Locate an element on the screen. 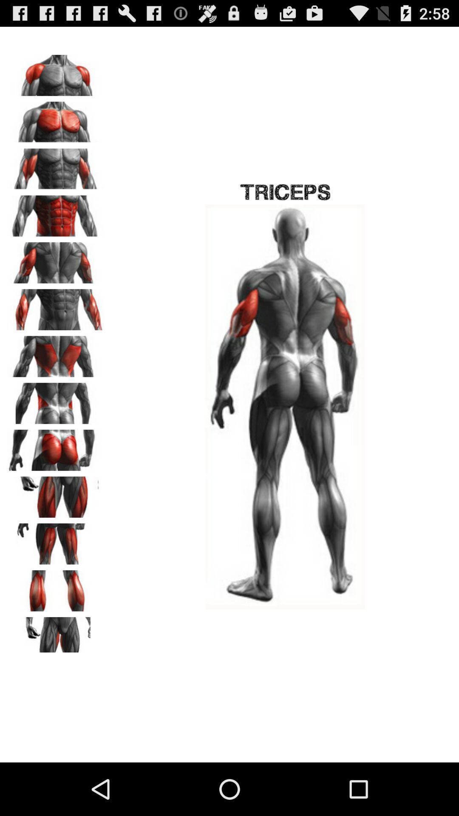 The image size is (459, 816). display muscle group is located at coordinates (56, 587).